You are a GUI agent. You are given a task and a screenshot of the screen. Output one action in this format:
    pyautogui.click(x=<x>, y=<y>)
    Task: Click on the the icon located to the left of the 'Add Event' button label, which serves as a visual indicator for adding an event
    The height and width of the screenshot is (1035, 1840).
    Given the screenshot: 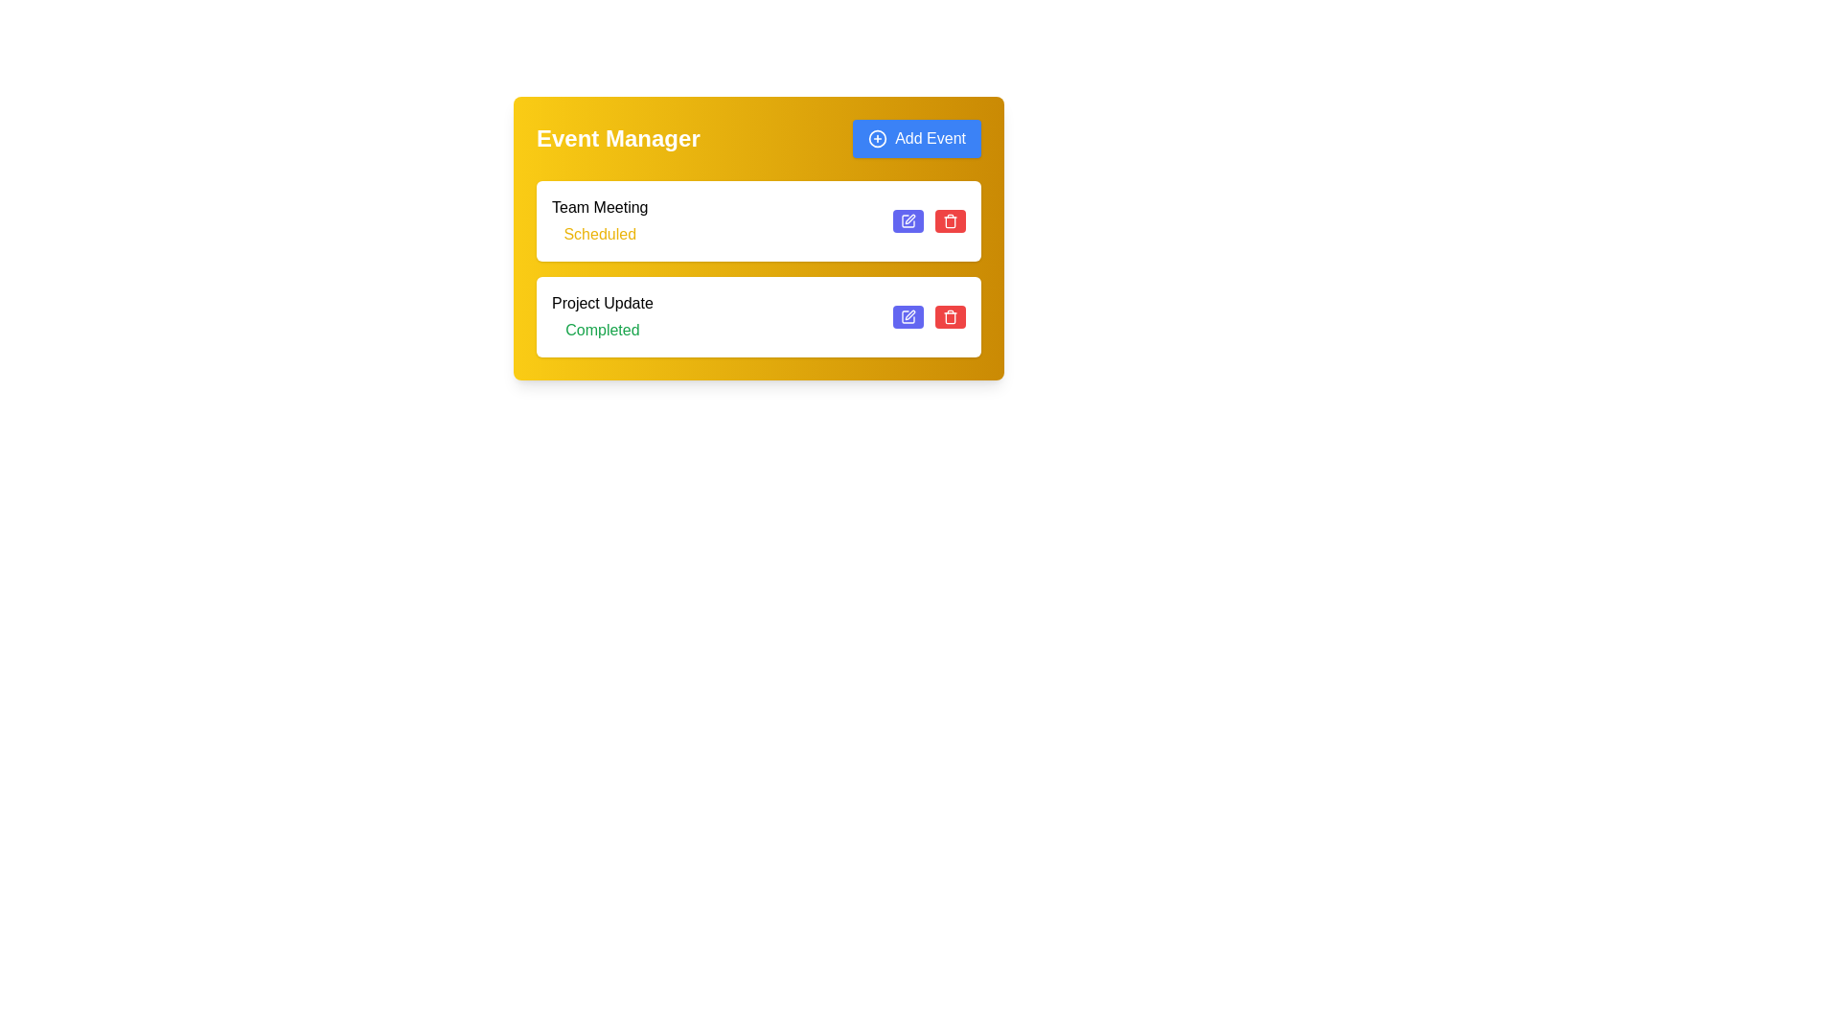 What is the action you would take?
    pyautogui.click(x=877, y=138)
    